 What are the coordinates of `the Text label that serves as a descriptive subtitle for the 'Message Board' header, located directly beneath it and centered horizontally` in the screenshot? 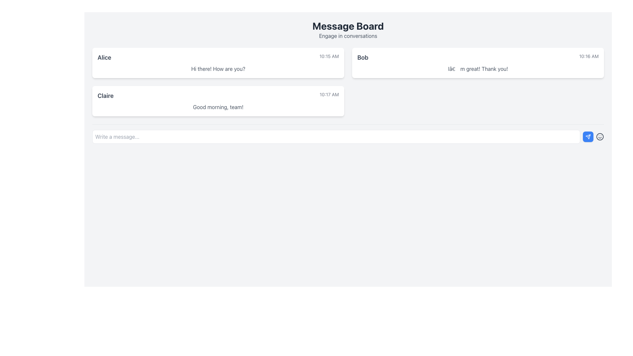 It's located at (348, 36).